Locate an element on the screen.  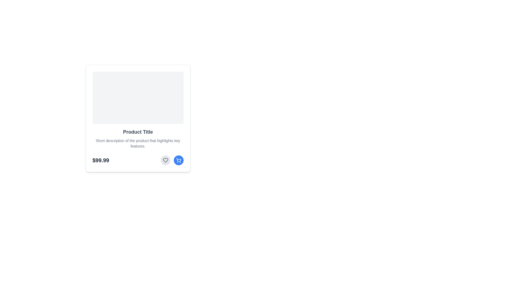
the favorite button located at the bottom section of the card-like interface, positioned to the left of the blue circular shopping cart button is located at coordinates (165, 160).